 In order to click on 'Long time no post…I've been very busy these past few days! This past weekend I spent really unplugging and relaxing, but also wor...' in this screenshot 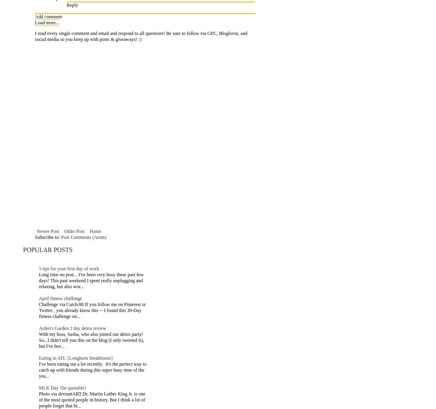, I will do `click(91, 280)`.